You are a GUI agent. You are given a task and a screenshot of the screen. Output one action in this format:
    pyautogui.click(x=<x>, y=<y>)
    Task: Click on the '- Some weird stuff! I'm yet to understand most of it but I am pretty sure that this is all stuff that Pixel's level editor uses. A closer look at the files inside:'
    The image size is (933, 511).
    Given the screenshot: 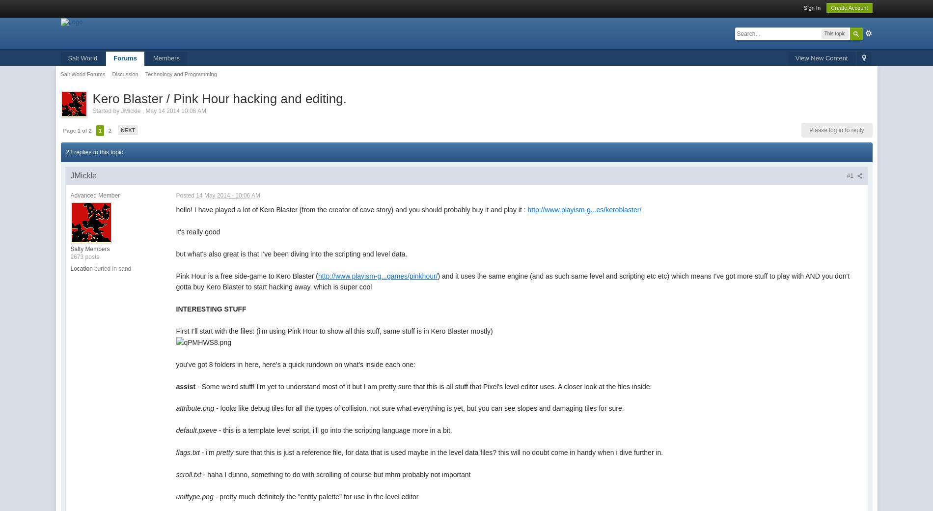 What is the action you would take?
    pyautogui.click(x=423, y=386)
    